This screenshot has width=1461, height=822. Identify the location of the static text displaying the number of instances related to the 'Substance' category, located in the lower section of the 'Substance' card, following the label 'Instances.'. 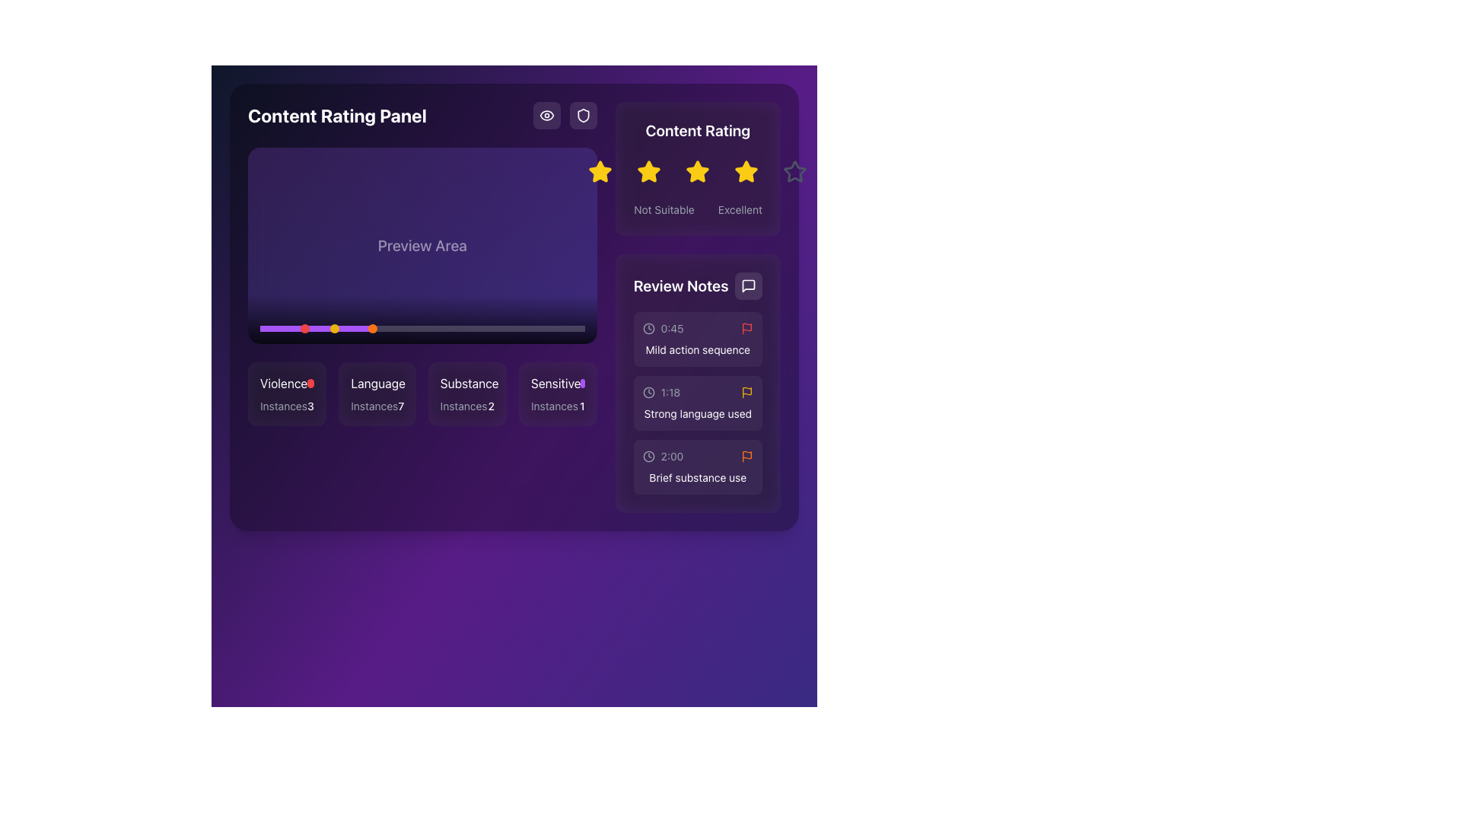
(491, 405).